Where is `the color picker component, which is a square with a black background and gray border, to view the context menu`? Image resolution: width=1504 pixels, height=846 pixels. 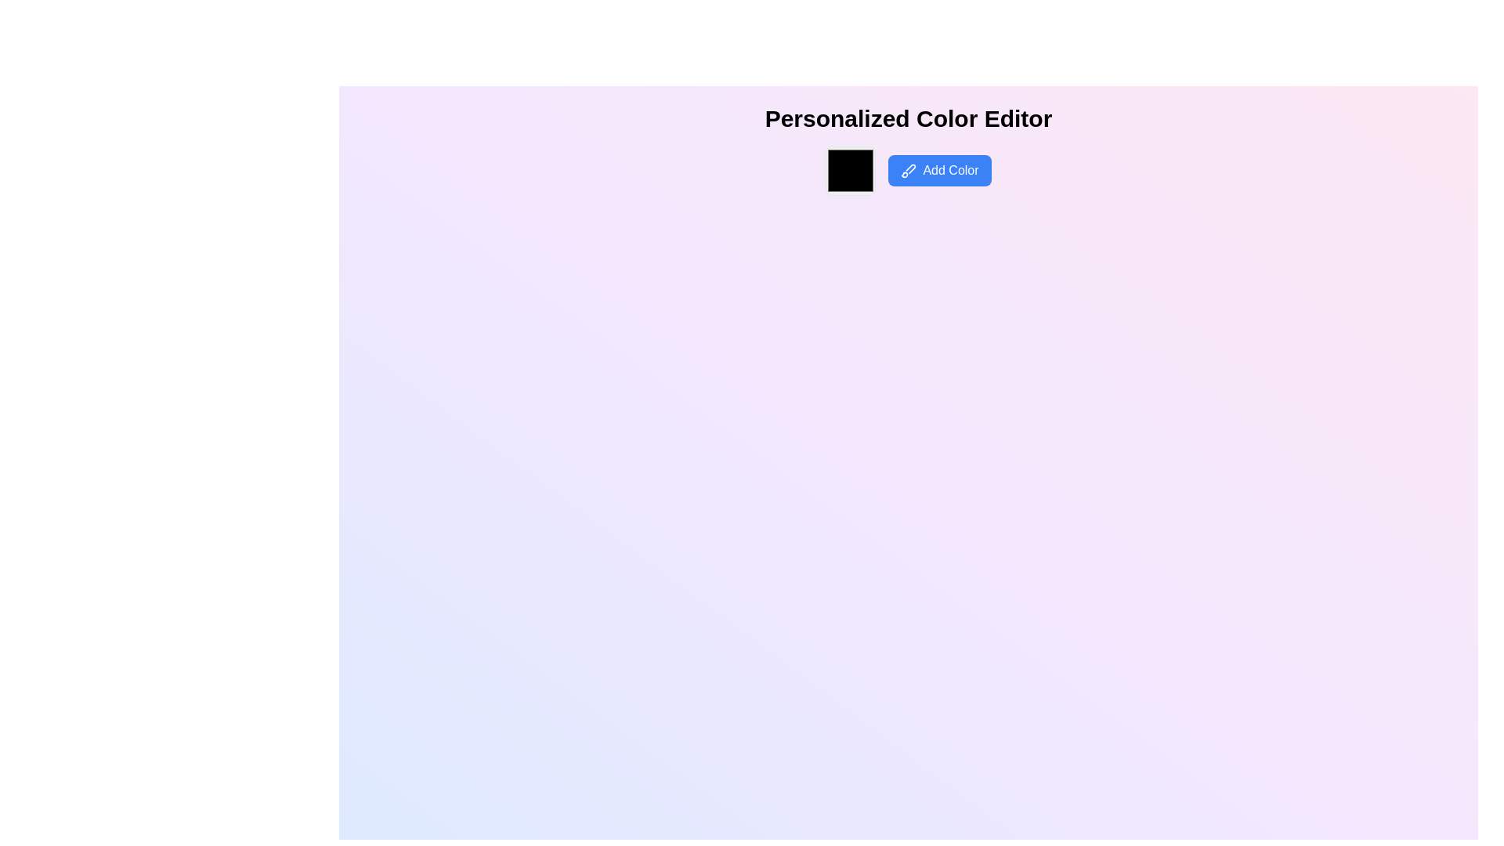 the color picker component, which is a square with a black background and gray border, to view the context menu is located at coordinates (850, 171).